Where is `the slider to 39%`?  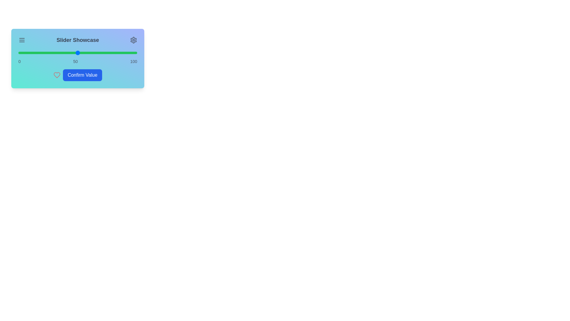 the slider to 39% is located at coordinates (64, 52).